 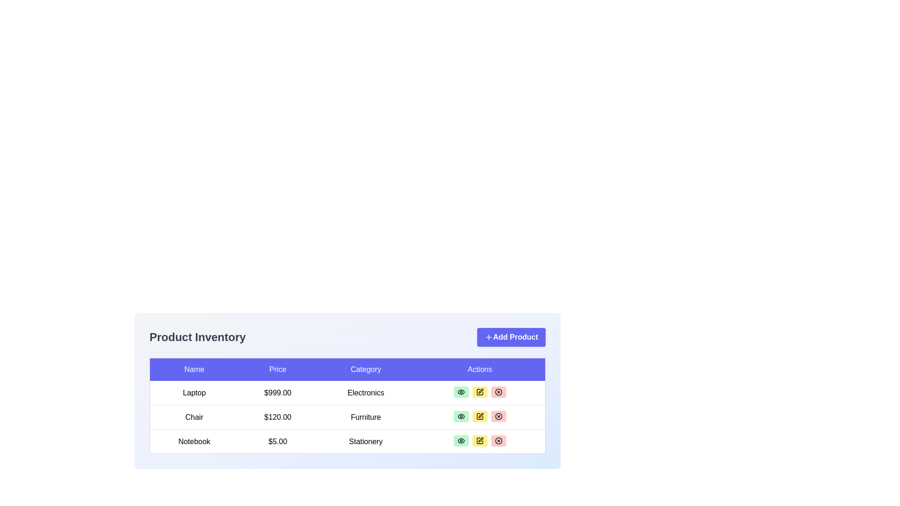 I want to click on the second row of the 'Product Inventory' table, so click(x=347, y=417).